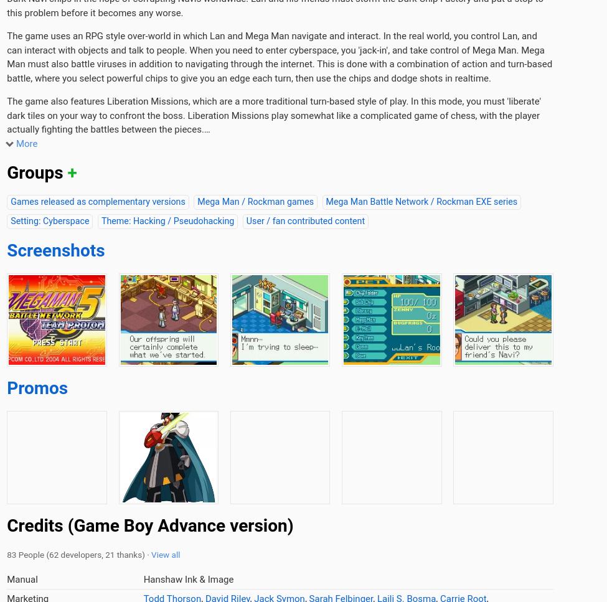 The height and width of the screenshot is (602, 607). What do you see at coordinates (532, 115) in the screenshot?
I see `'Video'` at bounding box center [532, 115].